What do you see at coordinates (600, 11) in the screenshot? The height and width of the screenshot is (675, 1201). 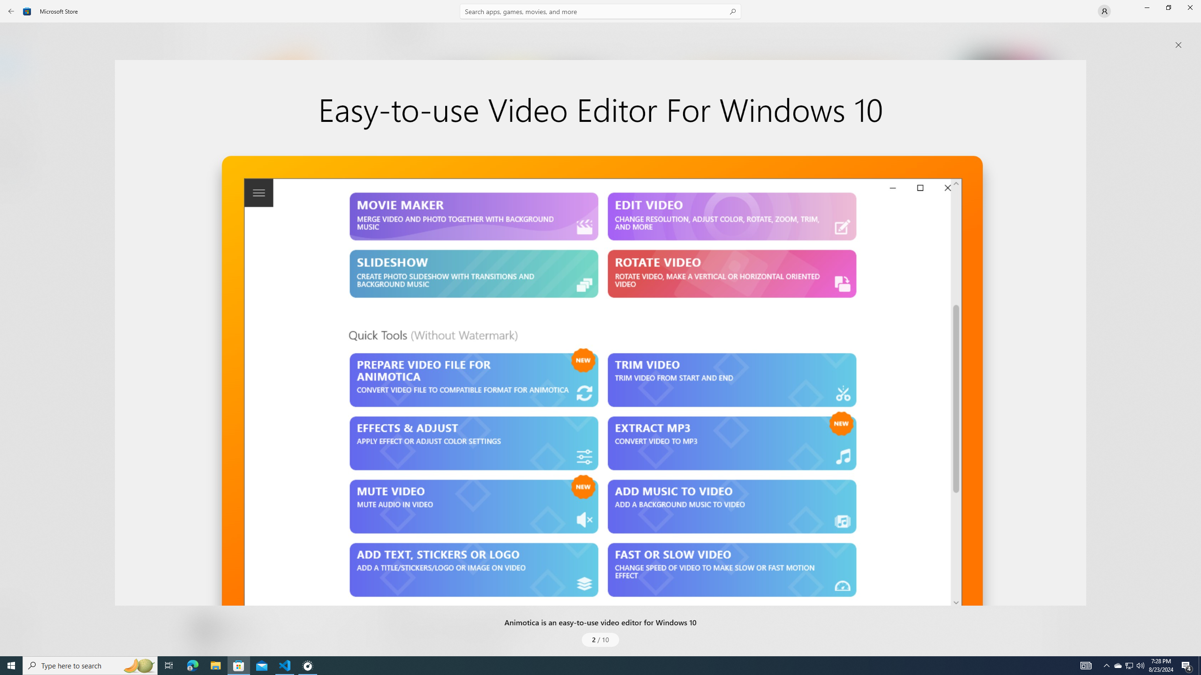 I see `'Search'` at bounding box center [600, 11].